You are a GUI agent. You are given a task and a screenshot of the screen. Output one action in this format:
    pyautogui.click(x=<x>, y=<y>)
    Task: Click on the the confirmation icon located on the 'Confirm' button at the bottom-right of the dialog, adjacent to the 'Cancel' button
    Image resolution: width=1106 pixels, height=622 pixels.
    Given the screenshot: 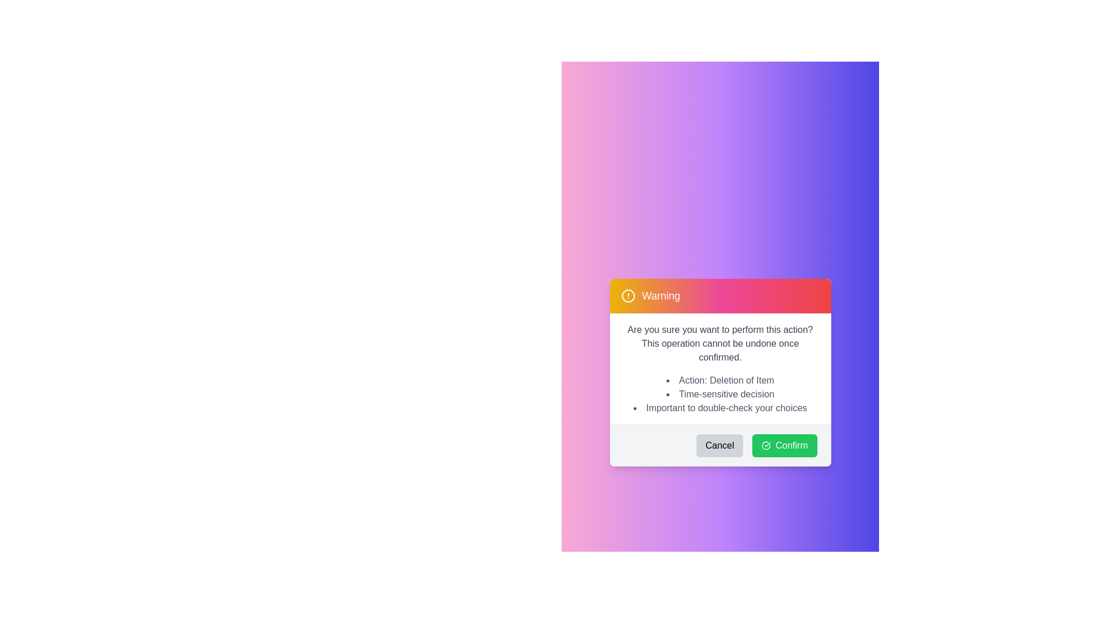 What is the action you would take?
    pyautogui.click(x=766, y=445)
    